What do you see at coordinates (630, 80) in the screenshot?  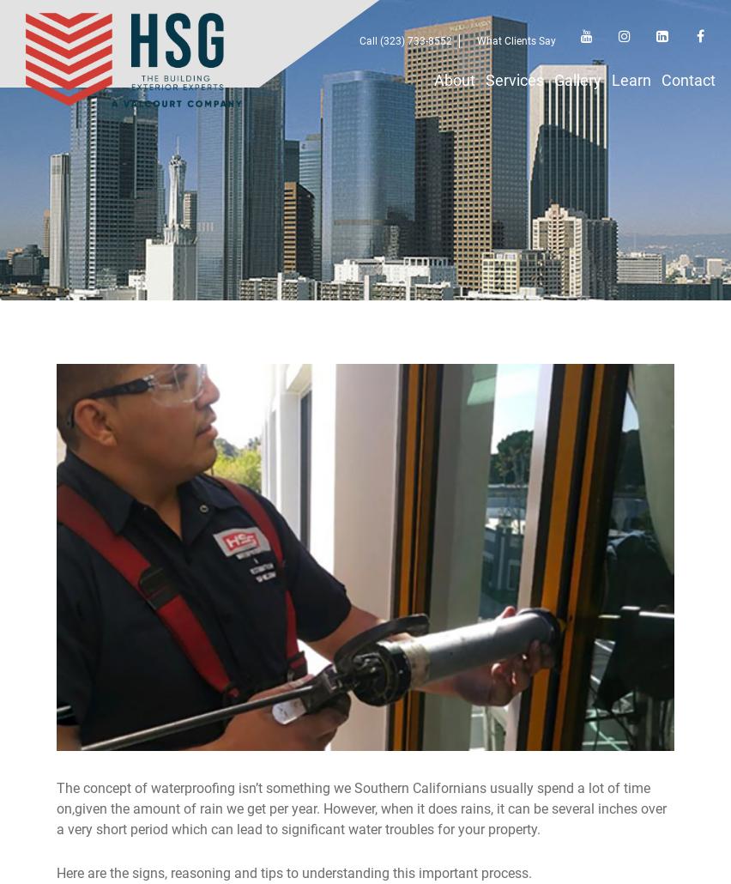 I see `'Learn'` at bounding box center [630, 80].